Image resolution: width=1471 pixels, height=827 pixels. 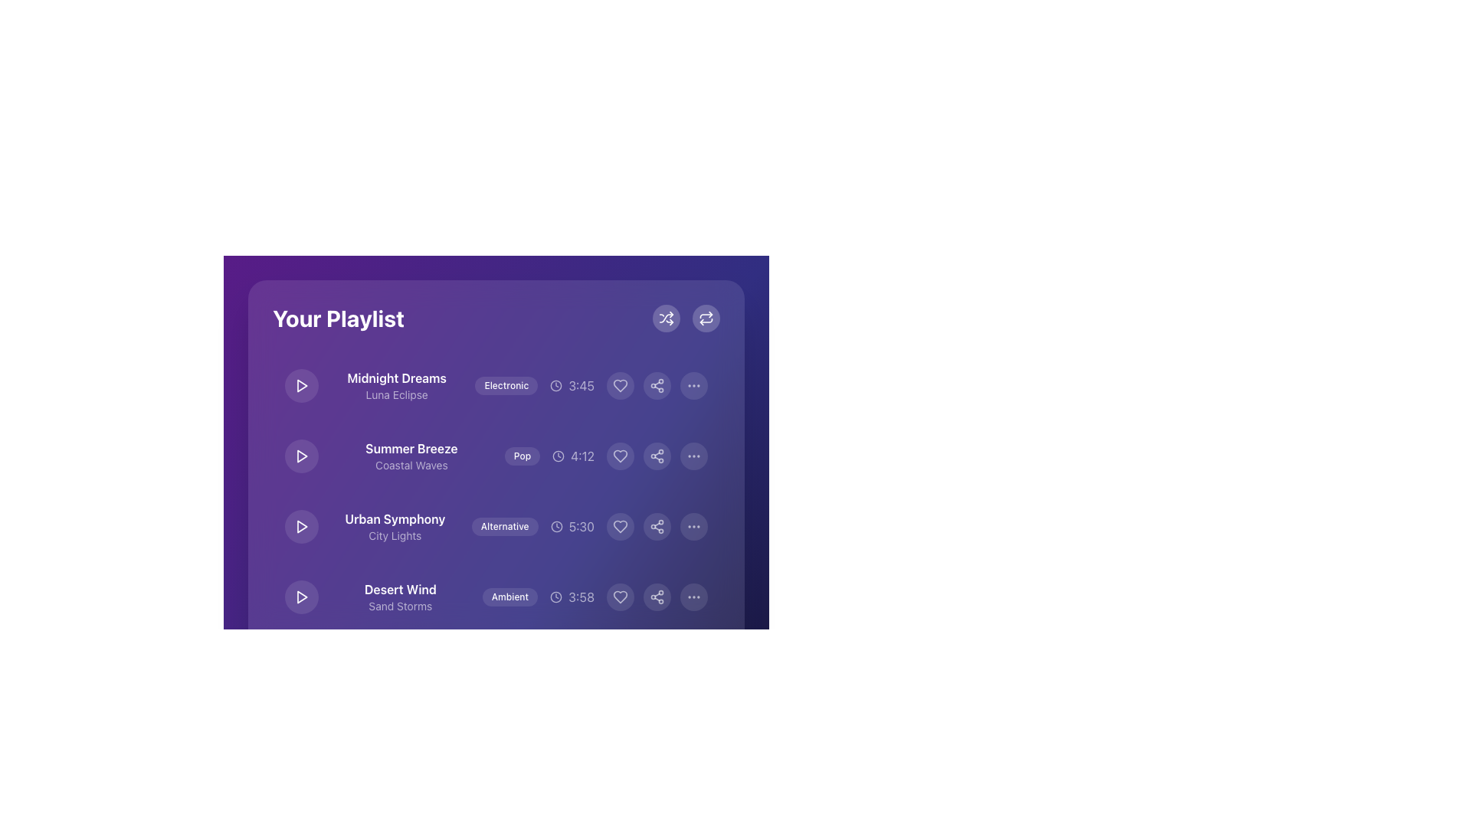 What do you see at coordinates (693, 525) in the screenshot?
I see `the rightmost button in the third row of a vertical list` at bounding box center [693, 525].